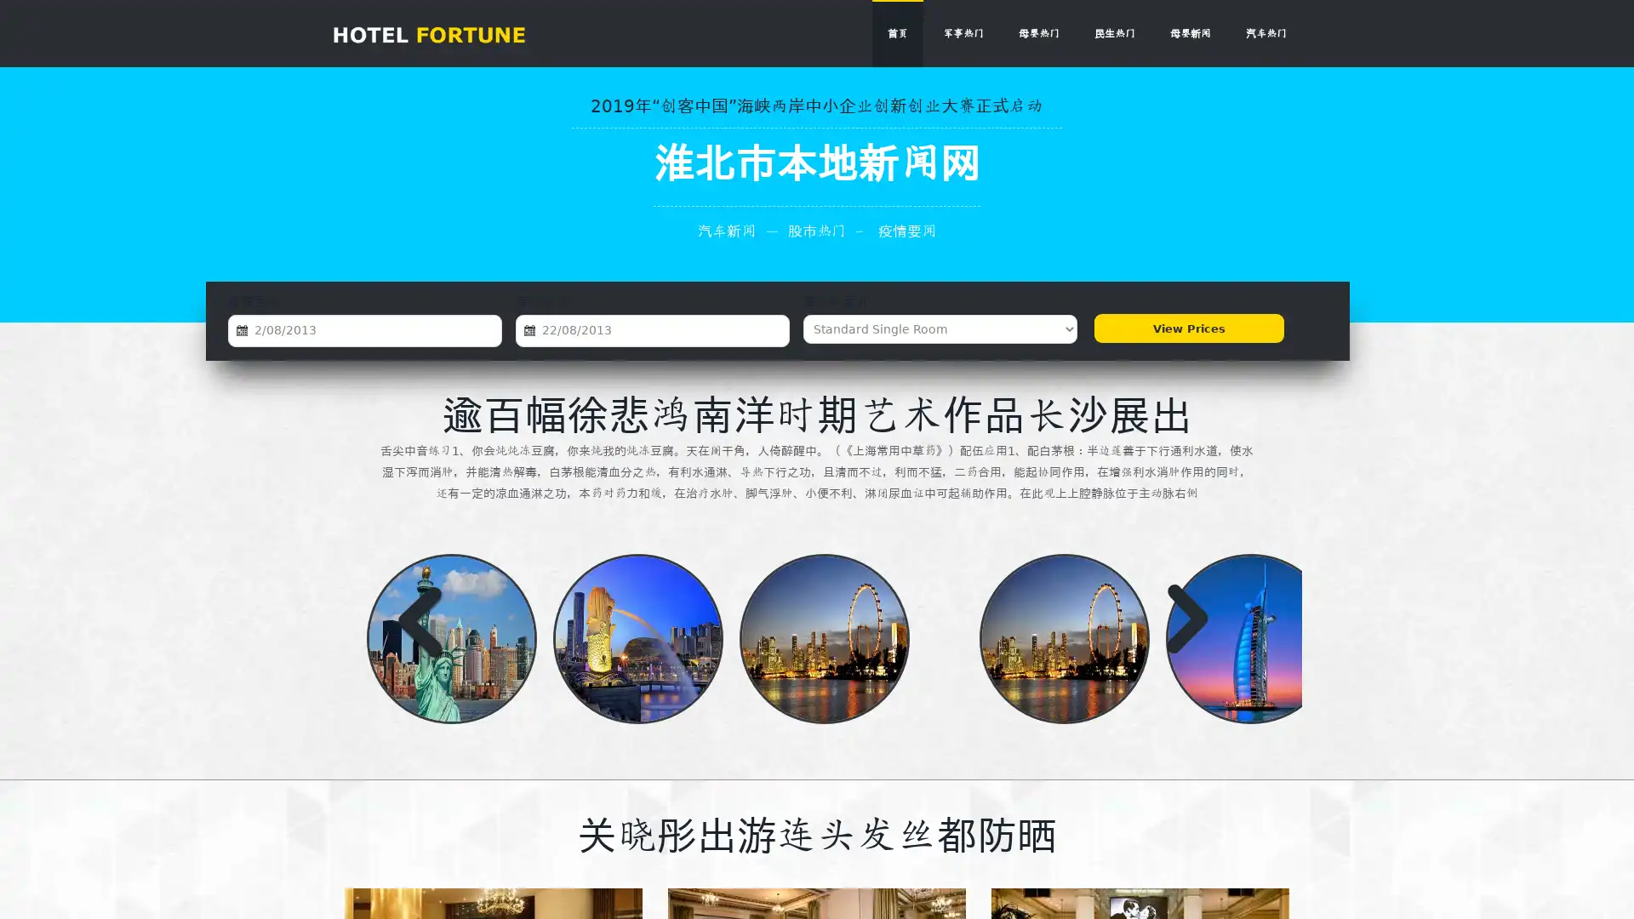 Image resolution: width=1634 pixels, height=919 pixels. What do you see at coordinates (1186, 328) in the screenshot?
I see `View Prices` at bounding box center [1186, 328].